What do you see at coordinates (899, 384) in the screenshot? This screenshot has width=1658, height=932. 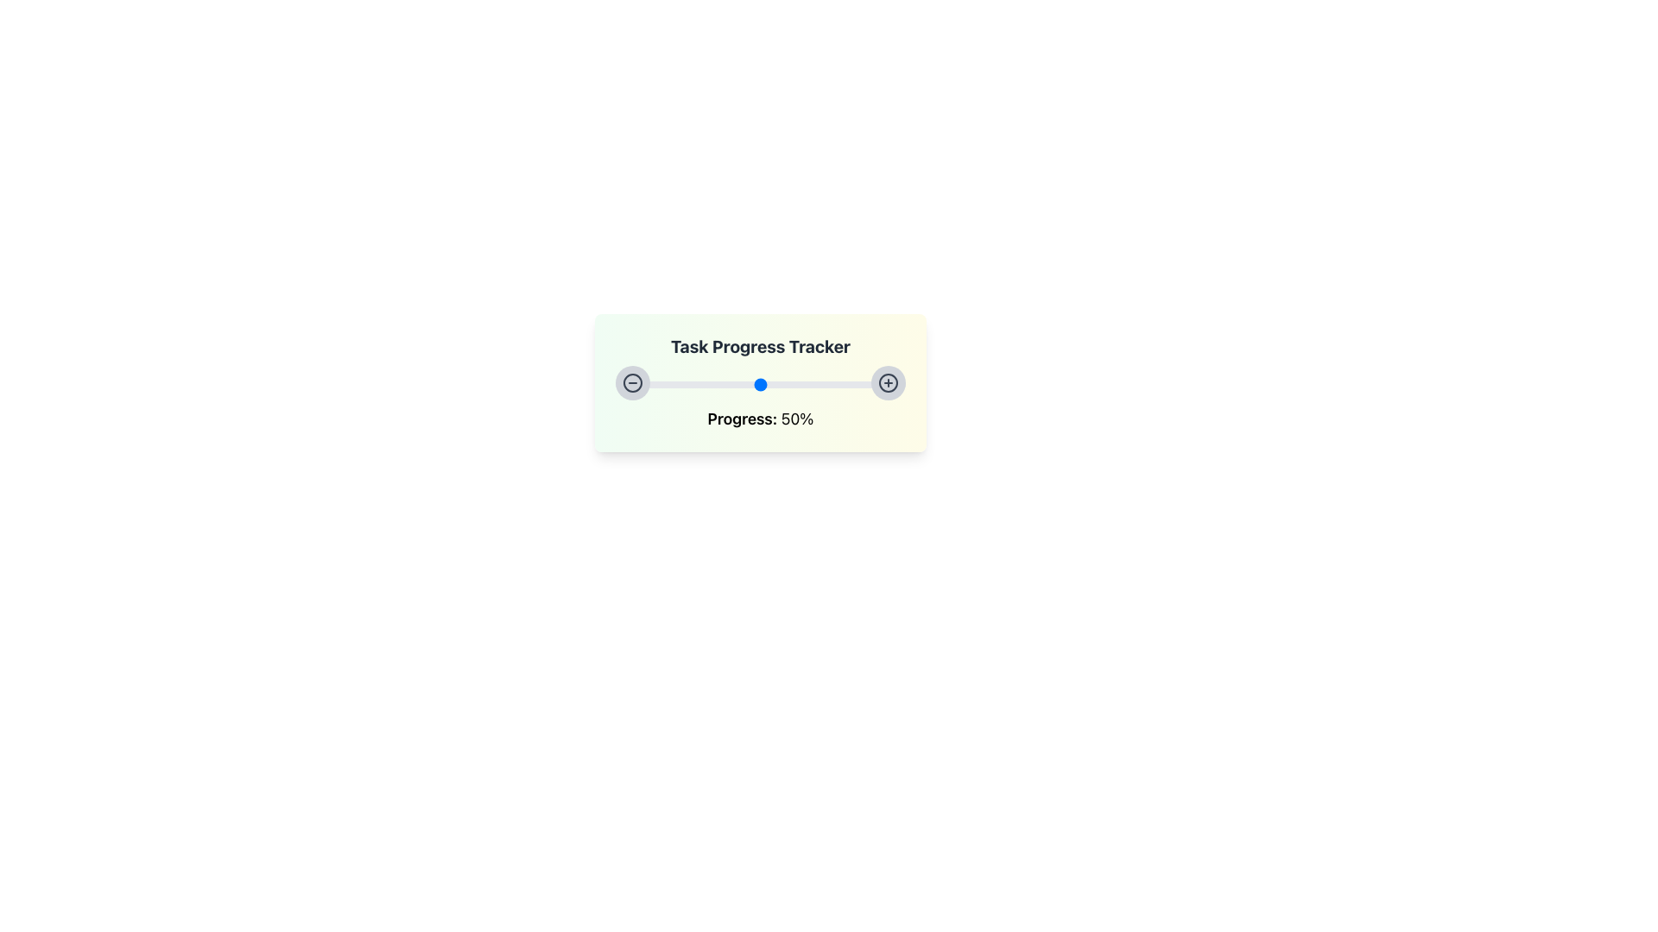 I see `the slider` at bounding box center [899, 384].